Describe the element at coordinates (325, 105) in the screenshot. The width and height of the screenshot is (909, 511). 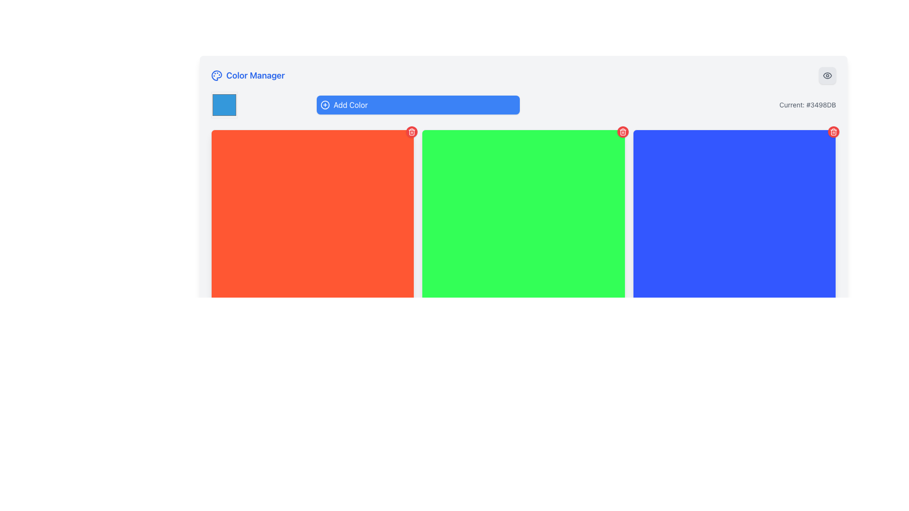
I see `the 'Add Color' icon located to the left of the text label in the 'Add Color' button at the top-center section of the interface` at that location.